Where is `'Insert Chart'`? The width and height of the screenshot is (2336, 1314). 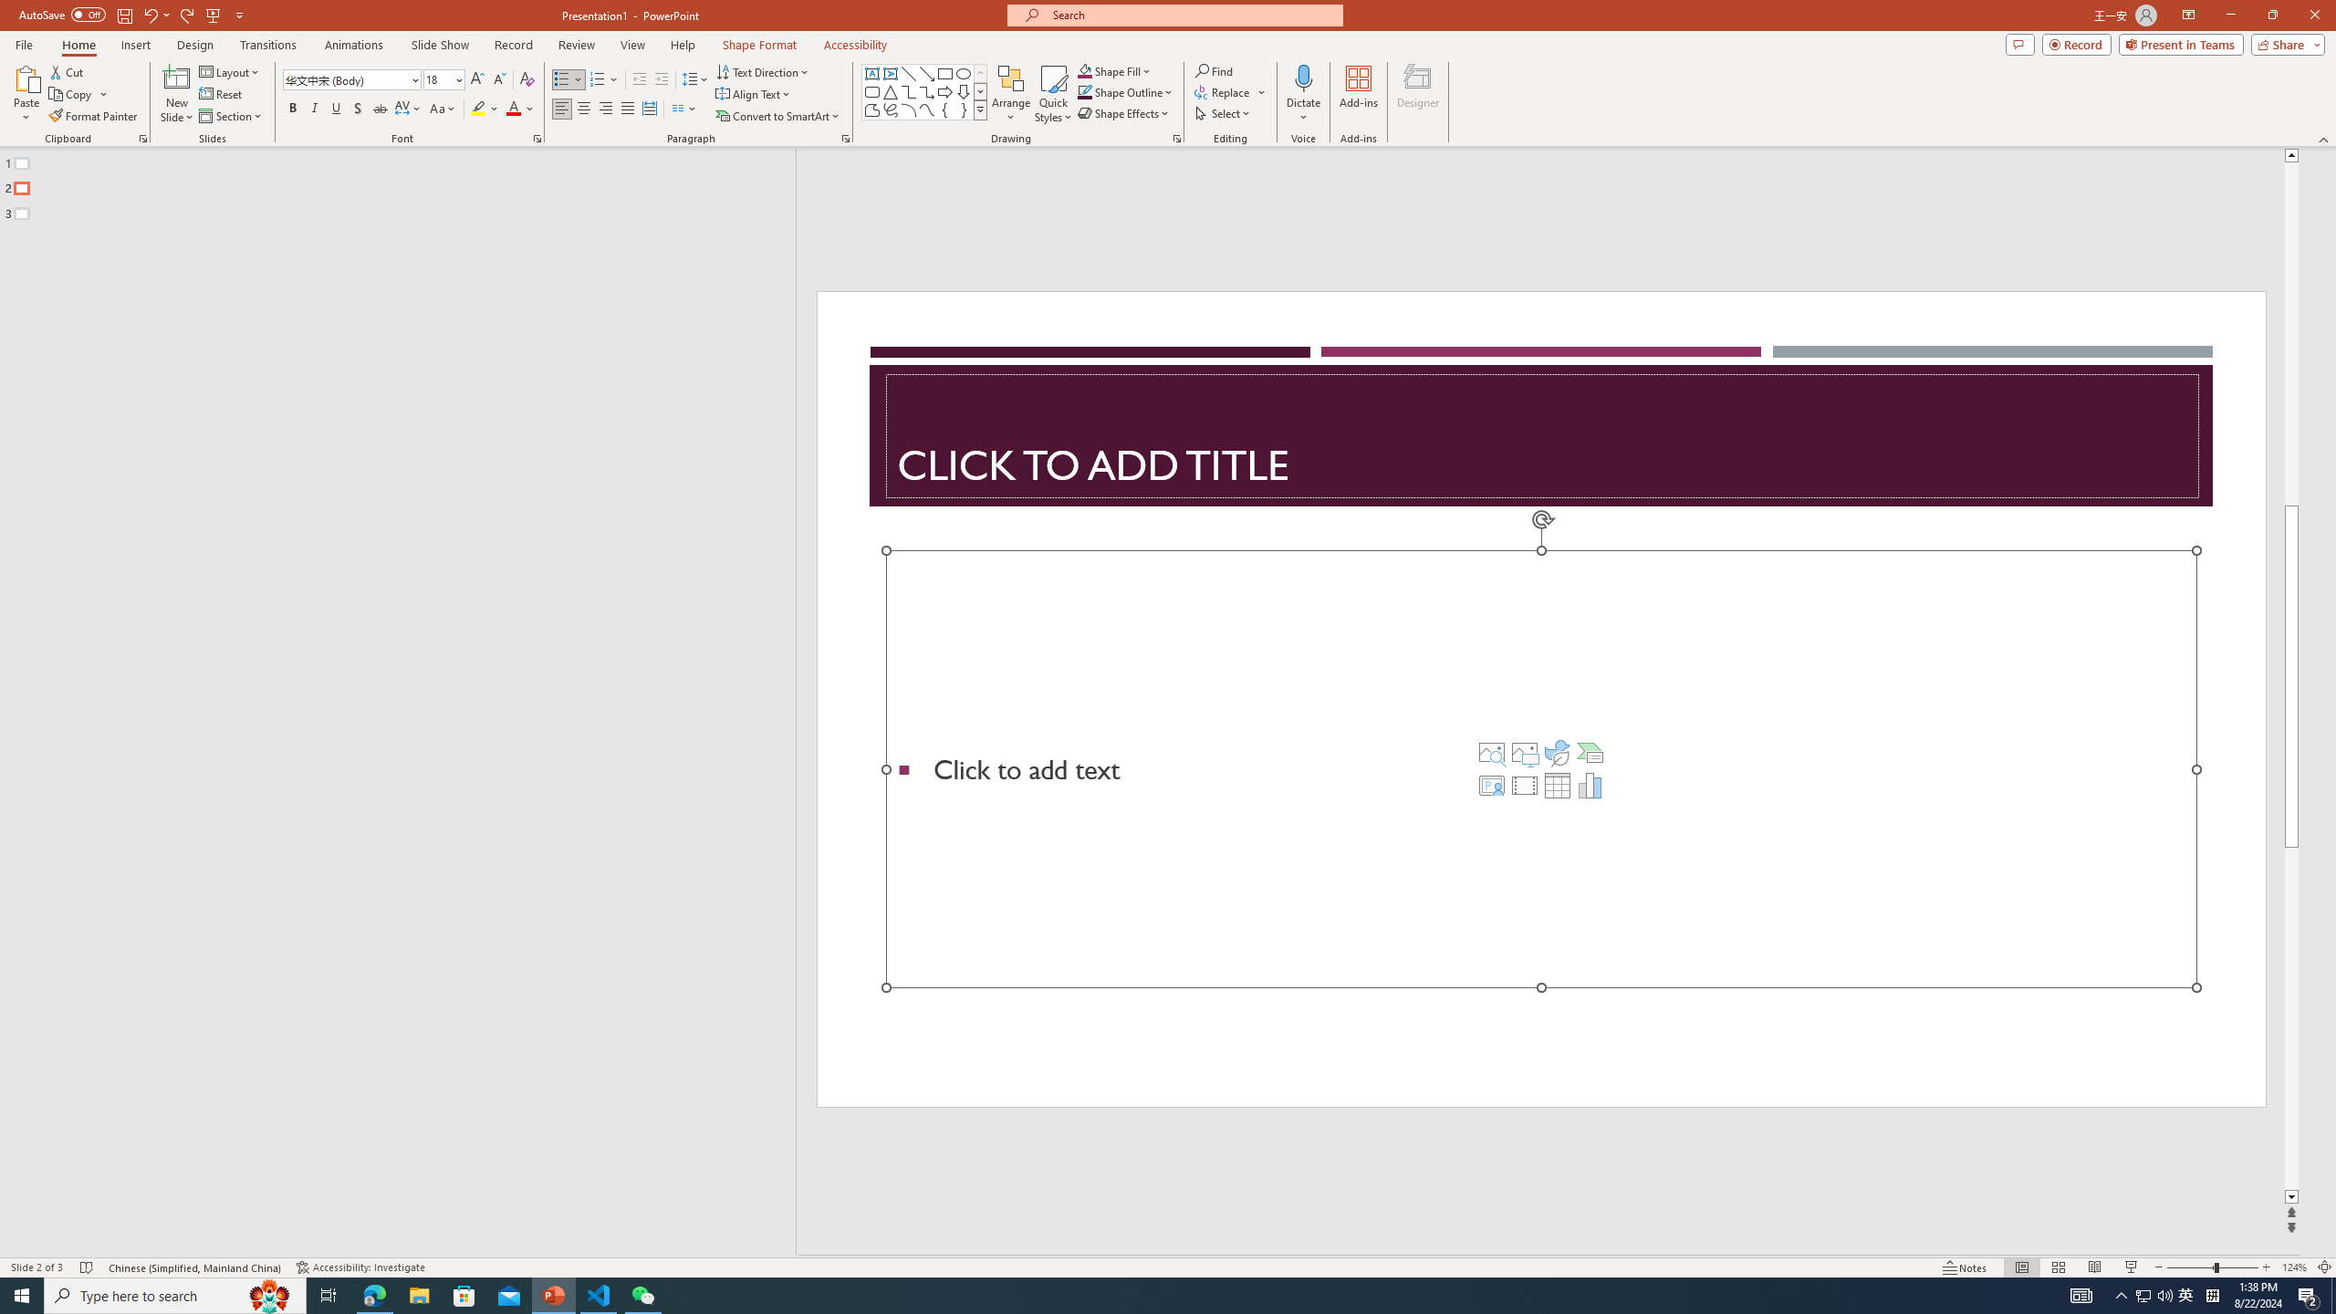 'Insert Chart' is located at coordinates (1590, 786).